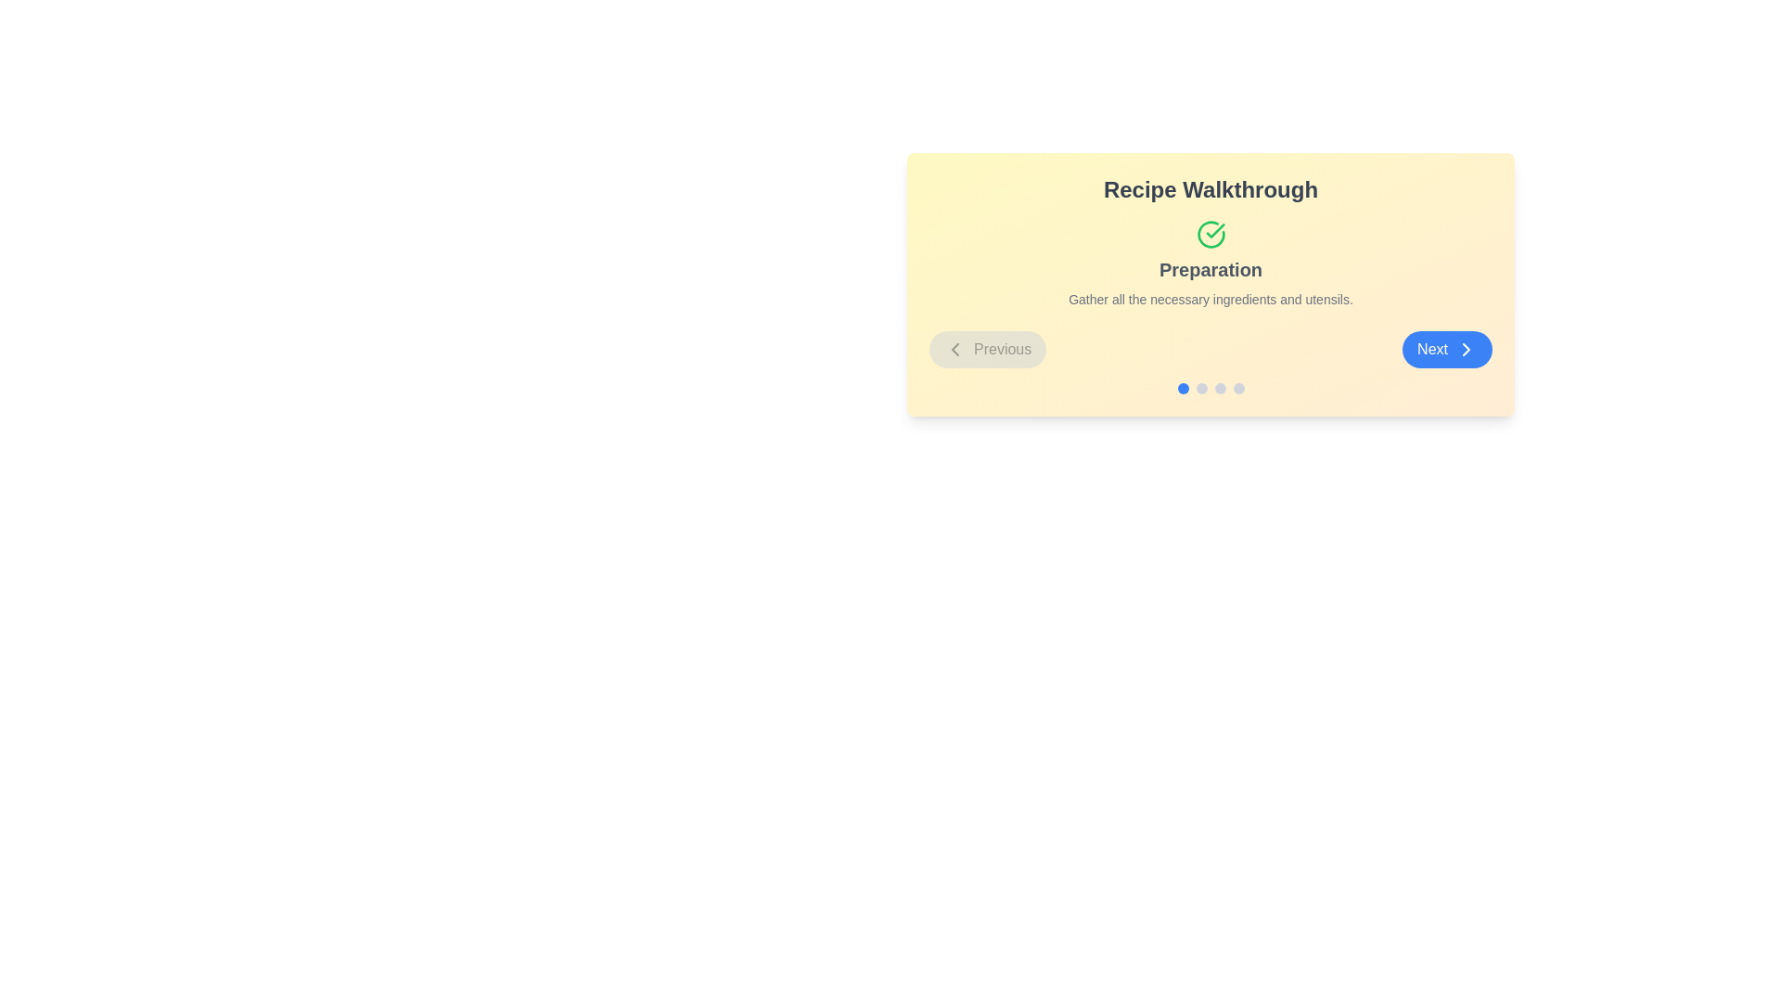 This screenshot has height=1002, width=1781. I want to click on the icon located inside the blue 'Next' button at the bottom right of the card-like section, which signifies a forward action, so click(1465, 350).